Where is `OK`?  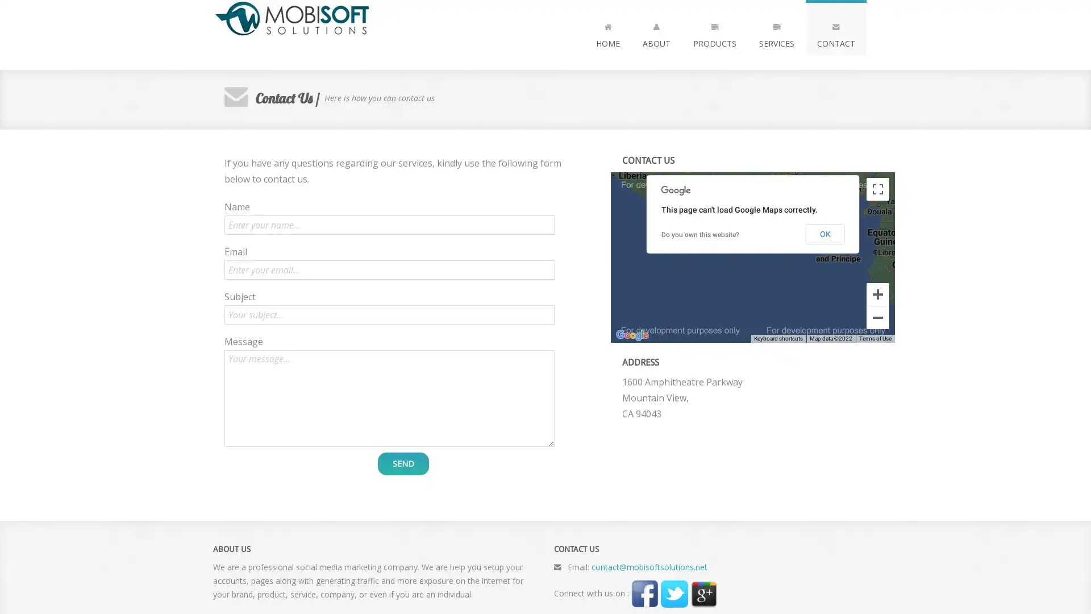 OK is located at coordinates (825, 234).